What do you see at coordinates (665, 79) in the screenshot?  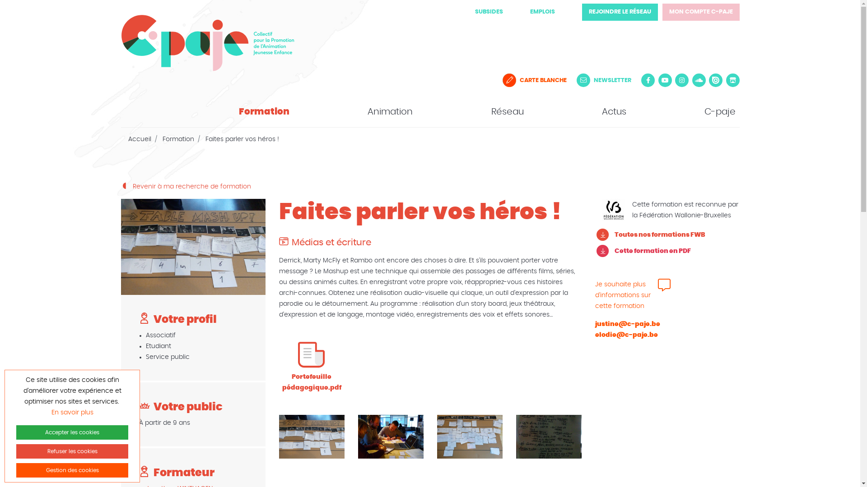 I see `'Youtube'` at bounding box center [665, 79].